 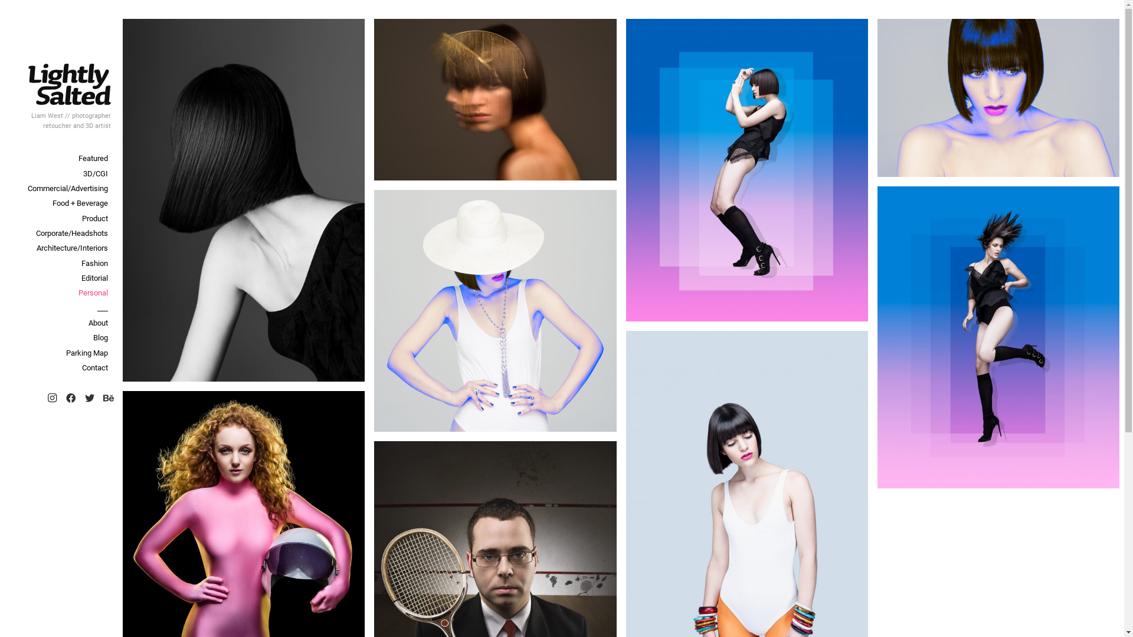 What do you see at coordinates (51, 398) in the screenshot?
I see `'Instagram'` at bounding box center [51, 398].